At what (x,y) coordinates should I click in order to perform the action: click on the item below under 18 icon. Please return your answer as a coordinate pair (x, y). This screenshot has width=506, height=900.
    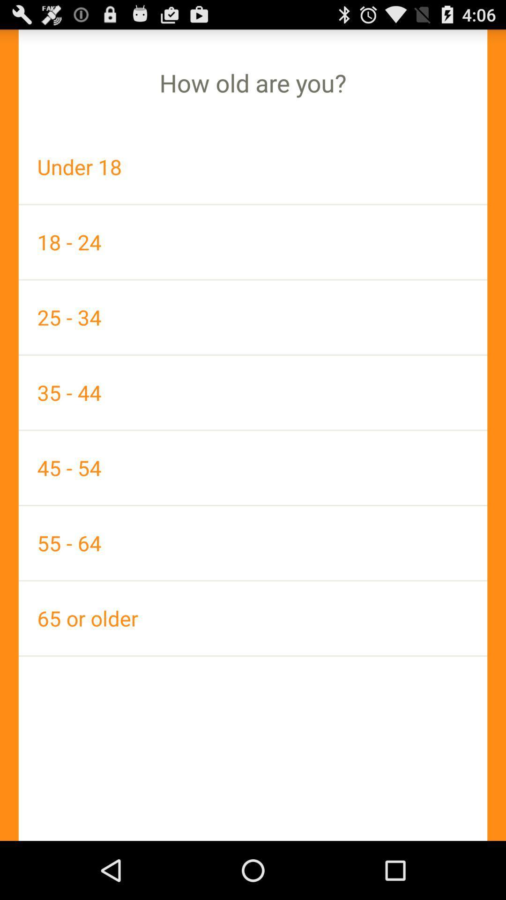
    Looking at the image, I should click on (253, 242).